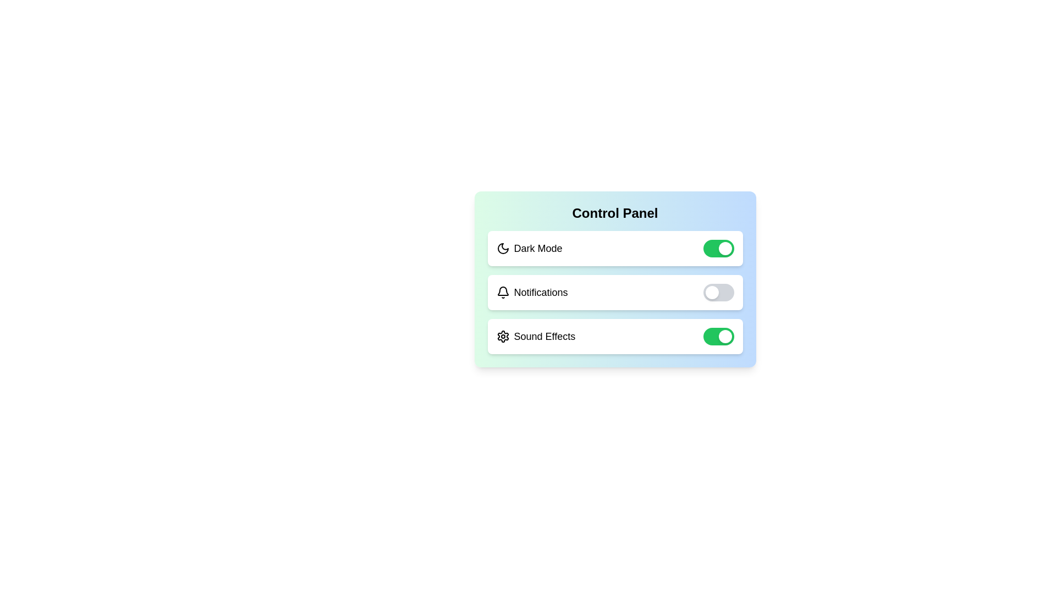 This screenshot has width=1056, height=594. I want to click on the Moon icon to display additional information, so click(502, 248).